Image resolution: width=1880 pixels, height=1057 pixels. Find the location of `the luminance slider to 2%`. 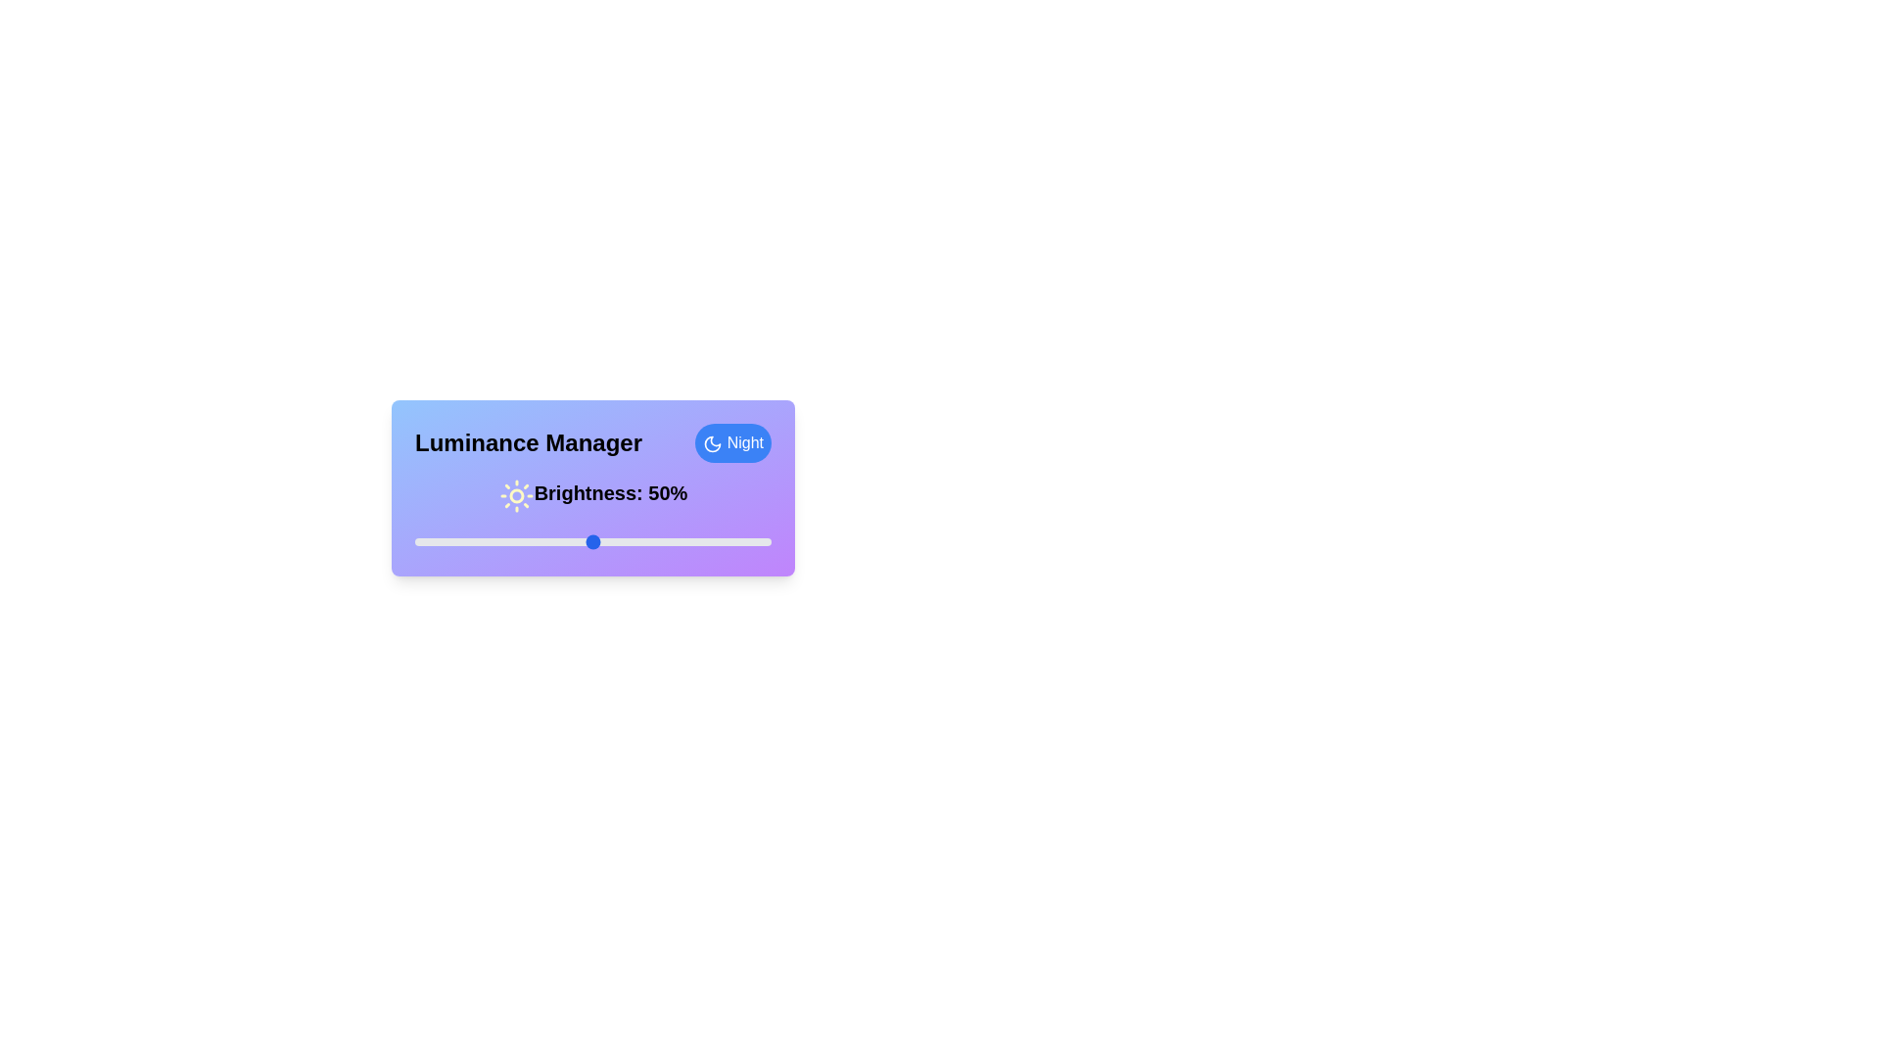

the luminance slider to 2% is located at coordinates (421, 542).